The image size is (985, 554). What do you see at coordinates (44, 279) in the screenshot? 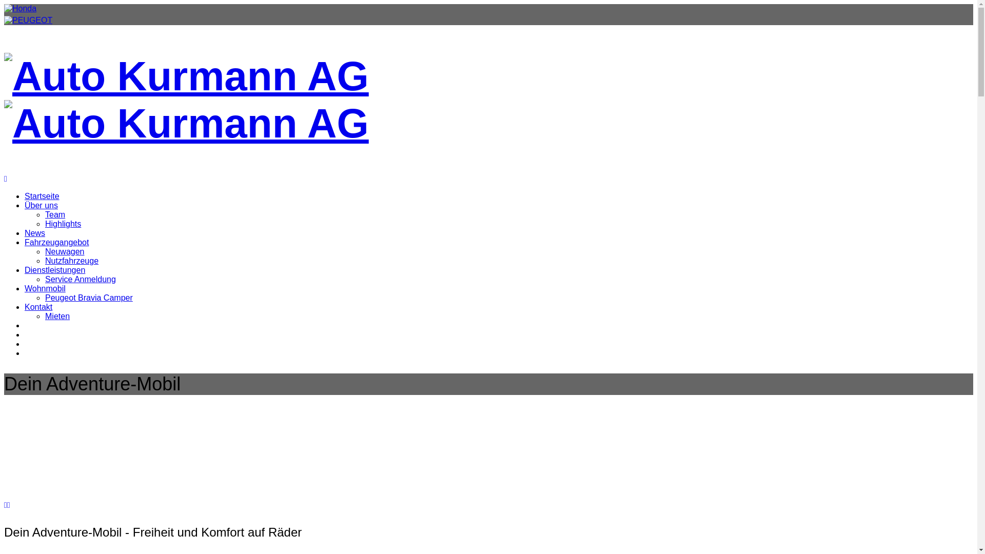
I see `'Service Anmeldung'` at bounding box center [44, 279].